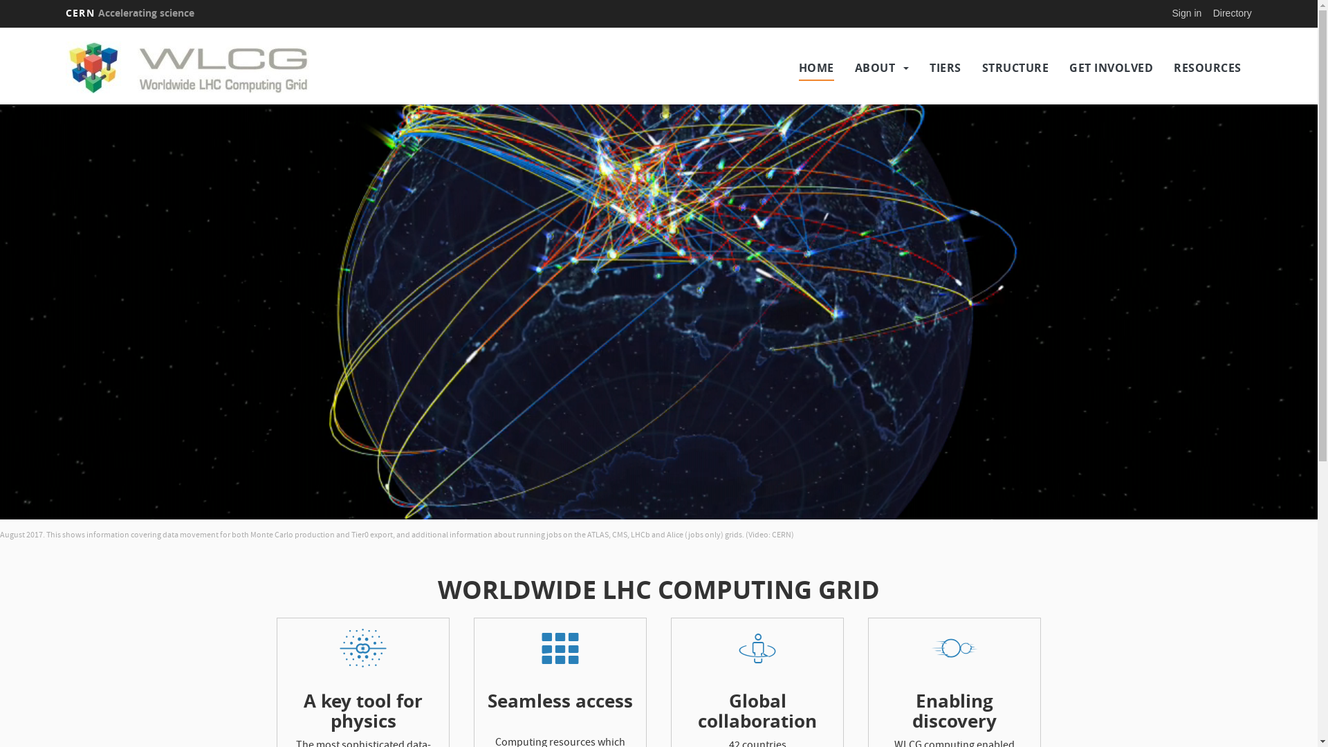  What do you see at coordinates (1111, 67) in the screenshot?
I see `'GET INVOLVED'` at bounding box center [1111, 67].